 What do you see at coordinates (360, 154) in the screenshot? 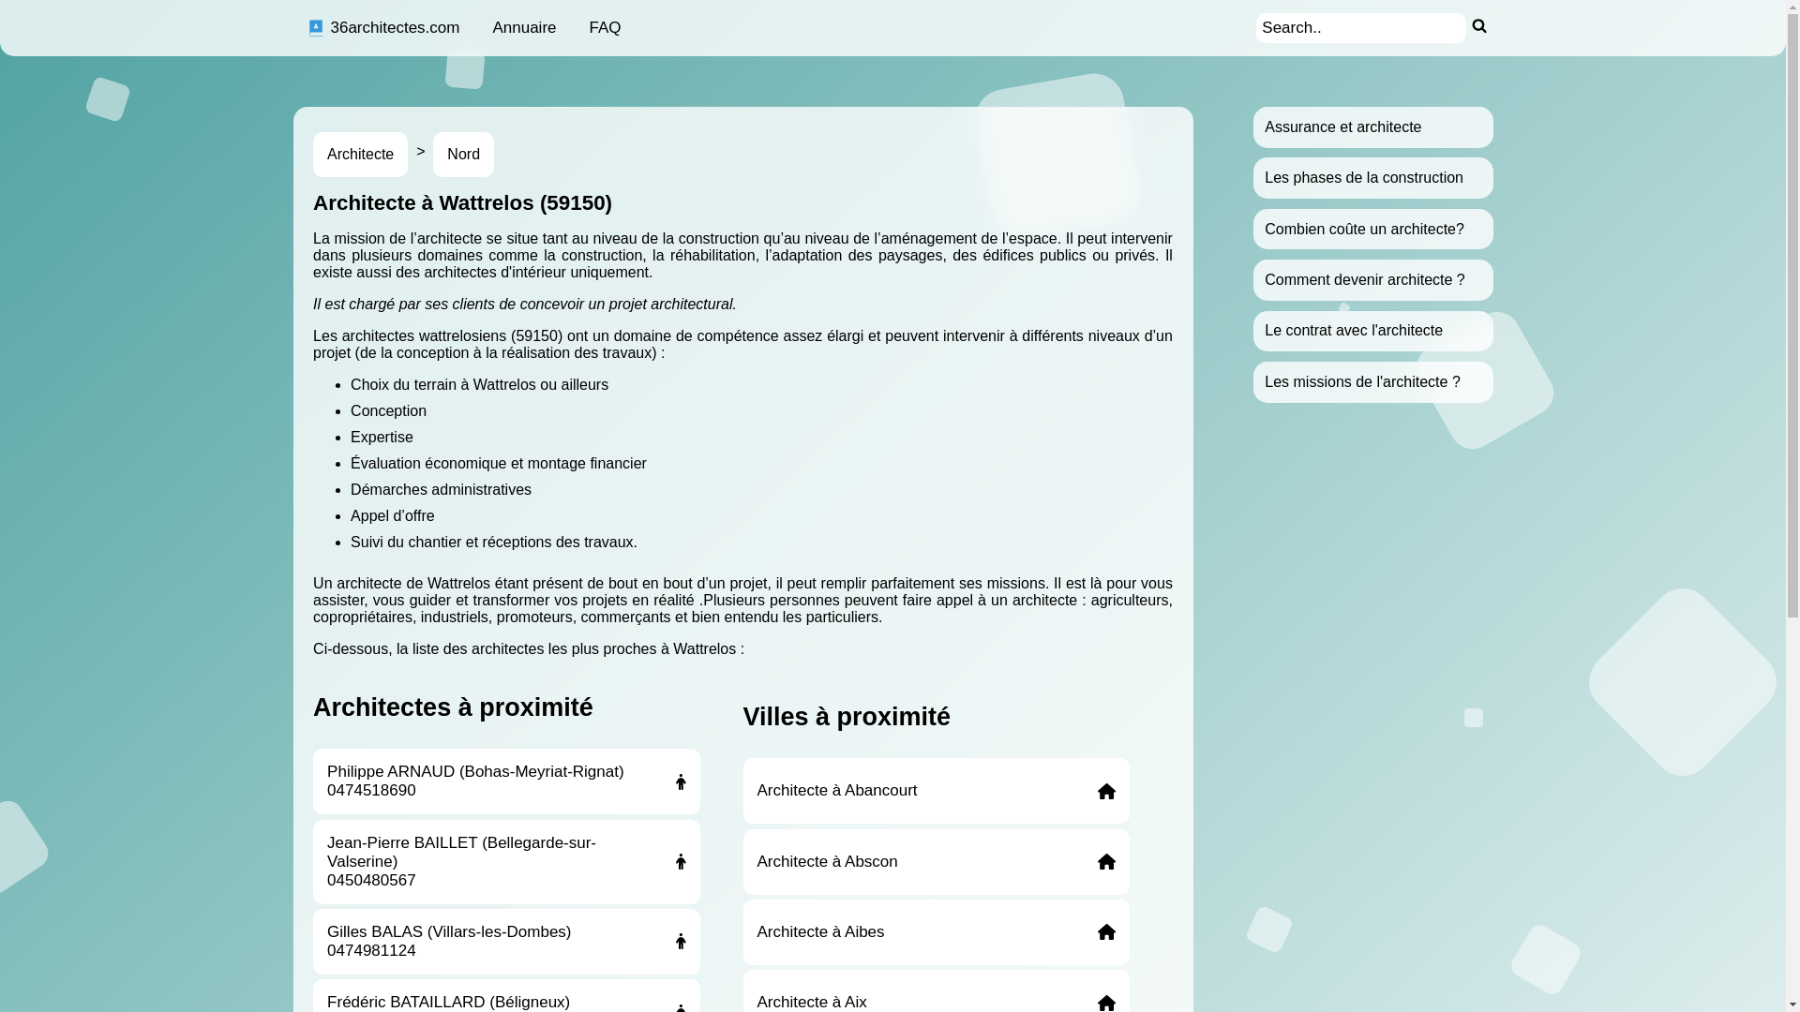
I see `'Architecte'` at bounding box center [360, 154].